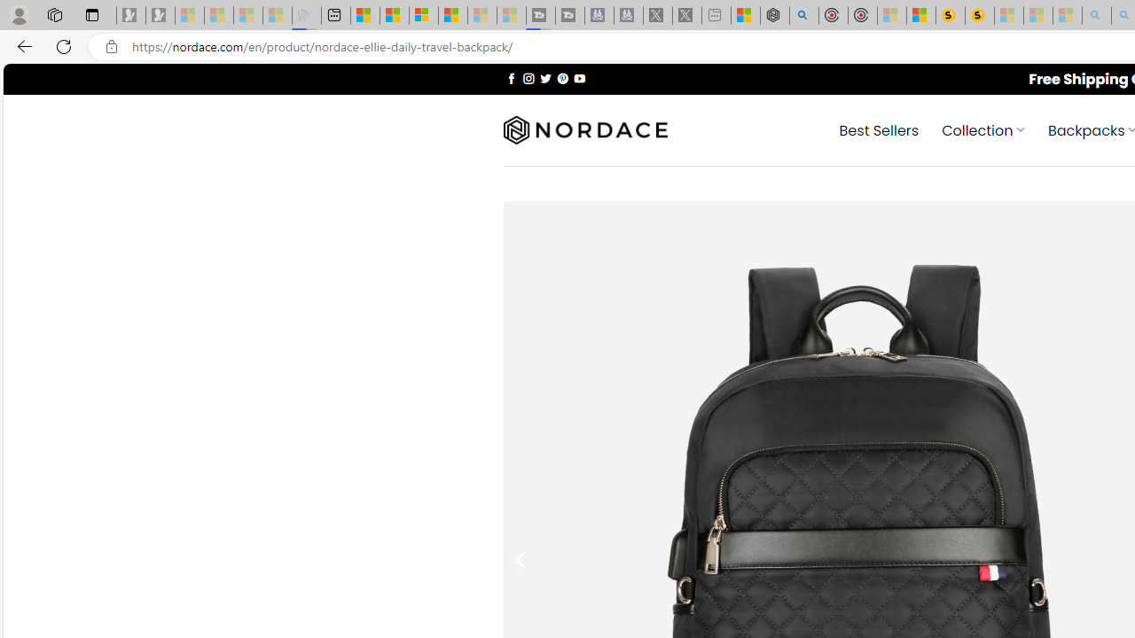 Image resolution: width=1135 pixels, height=638 pixels. Describe the element at coordinates (879, 128) in the screenshot. I see `'  Best Sellers'` at that location.